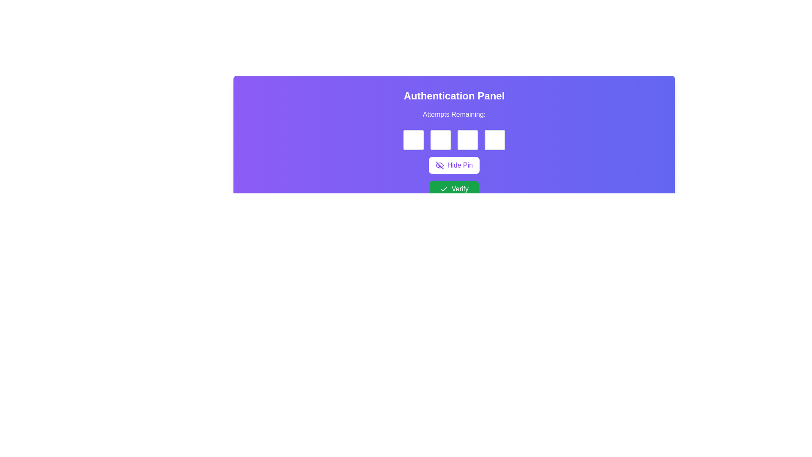 The height and width of the screenshot is (457, 812). Describe the element at coordinates (454, 165) in the screenshot. I see `the 'Hide Pin' button with an eye and slash icon` at that location.